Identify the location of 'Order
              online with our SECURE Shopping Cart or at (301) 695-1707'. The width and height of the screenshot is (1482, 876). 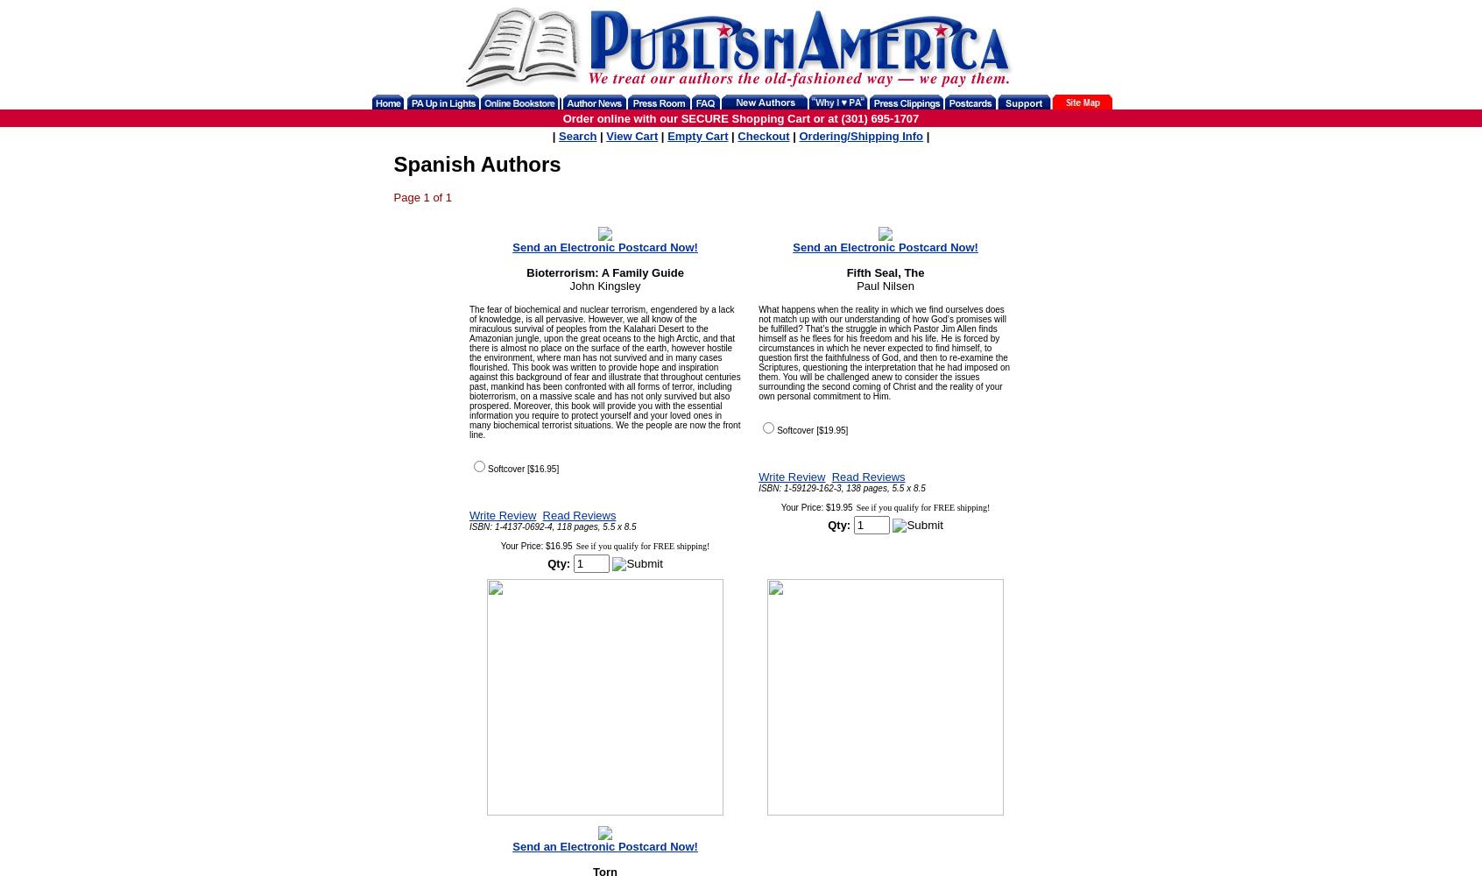
(740, 117).